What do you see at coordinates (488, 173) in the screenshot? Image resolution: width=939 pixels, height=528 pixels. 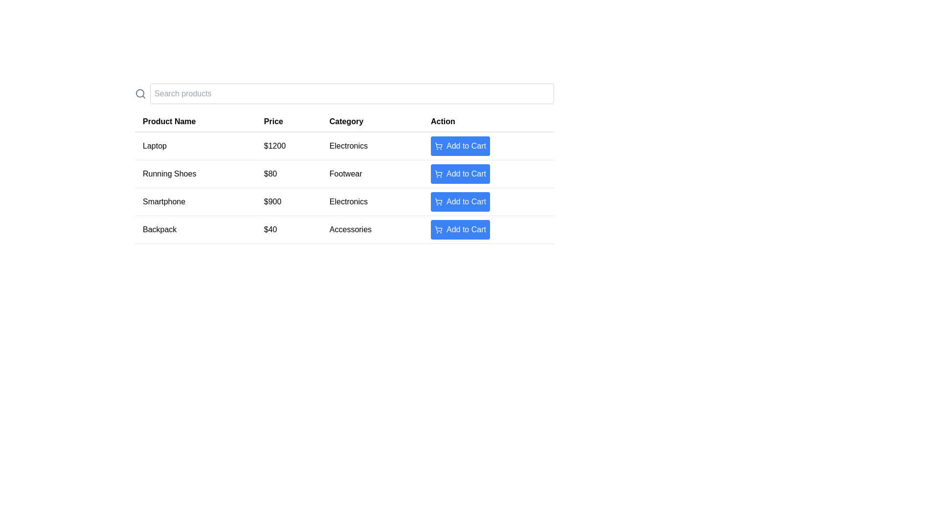 I see `the button in the 'Action' column of the second row that allows users to add running shoes to their shopping cart, providing visual feedback` at bounding box center [488, 173].